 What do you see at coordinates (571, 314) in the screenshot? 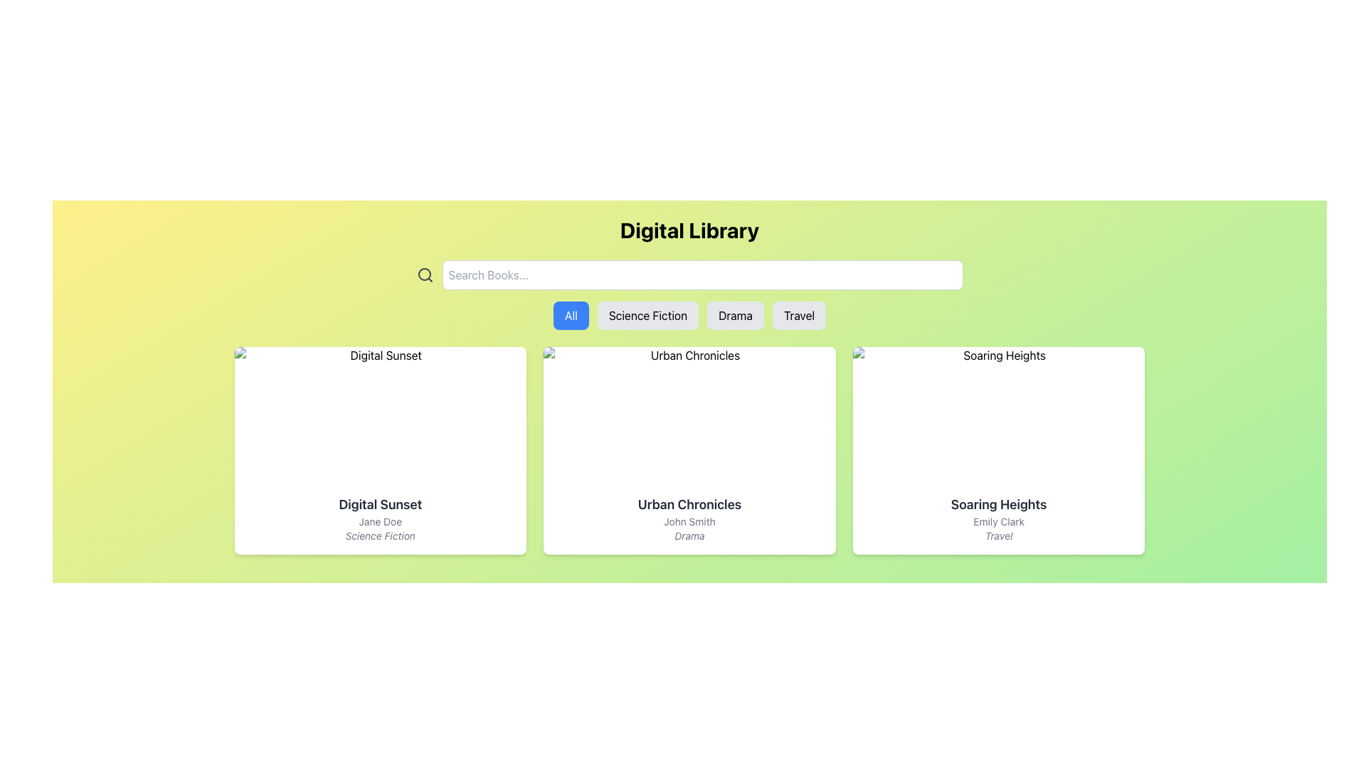
I see `the leftmost category selector button positioned below the search bar` at bounding box center [571, 314].